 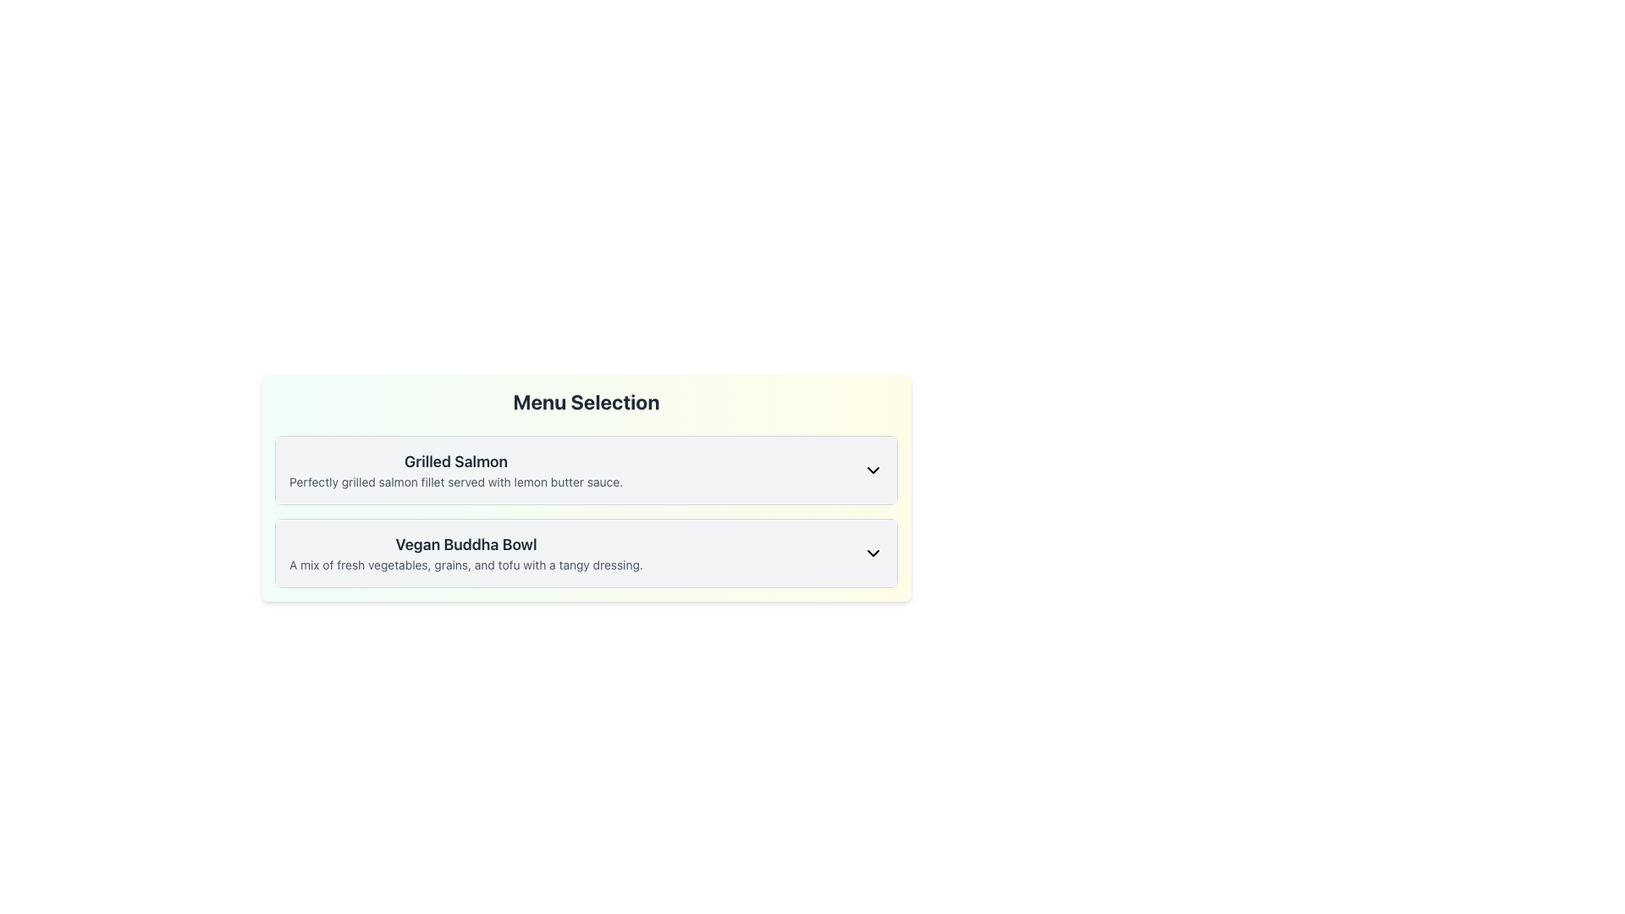 I want to click on the 'Vegan Buddha Bowl' menu option in the dropdown list to trigger hover effects, so click(x=586, y=553).